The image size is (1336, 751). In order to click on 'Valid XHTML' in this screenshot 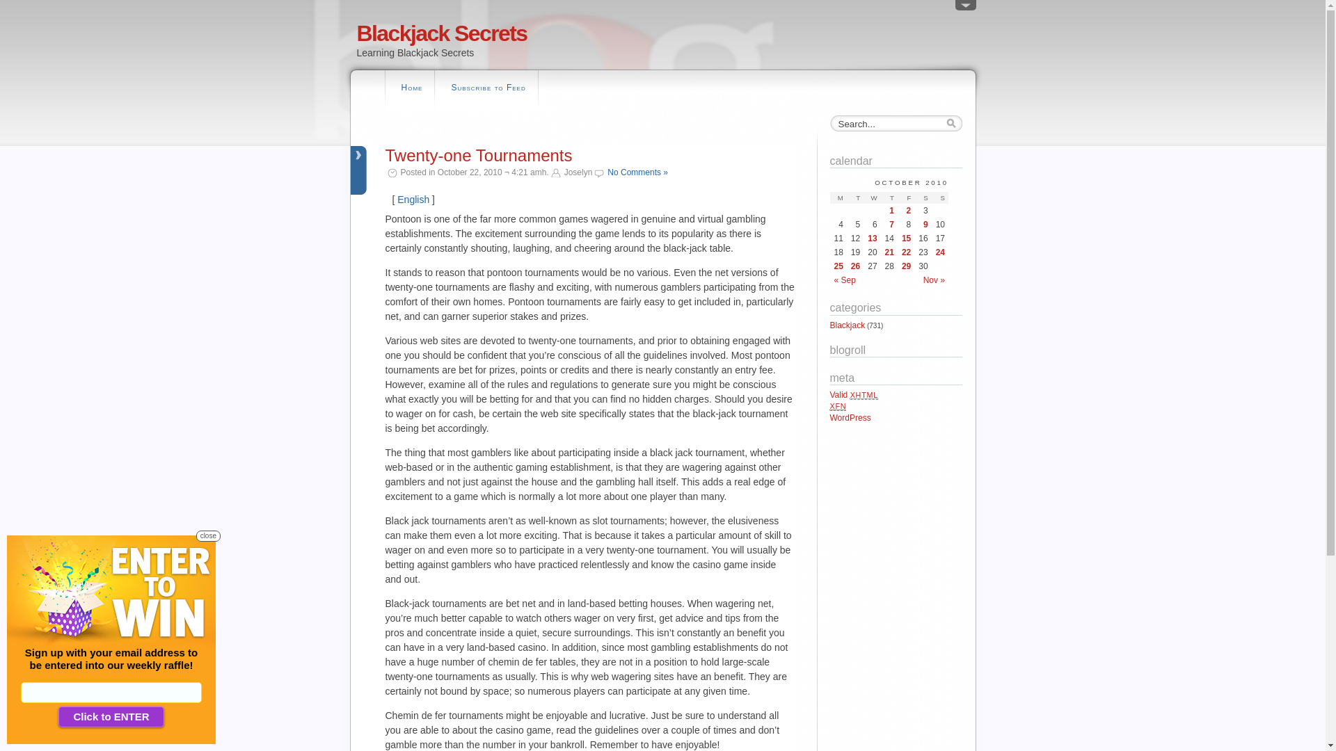, I will do `click(853, 394)`.